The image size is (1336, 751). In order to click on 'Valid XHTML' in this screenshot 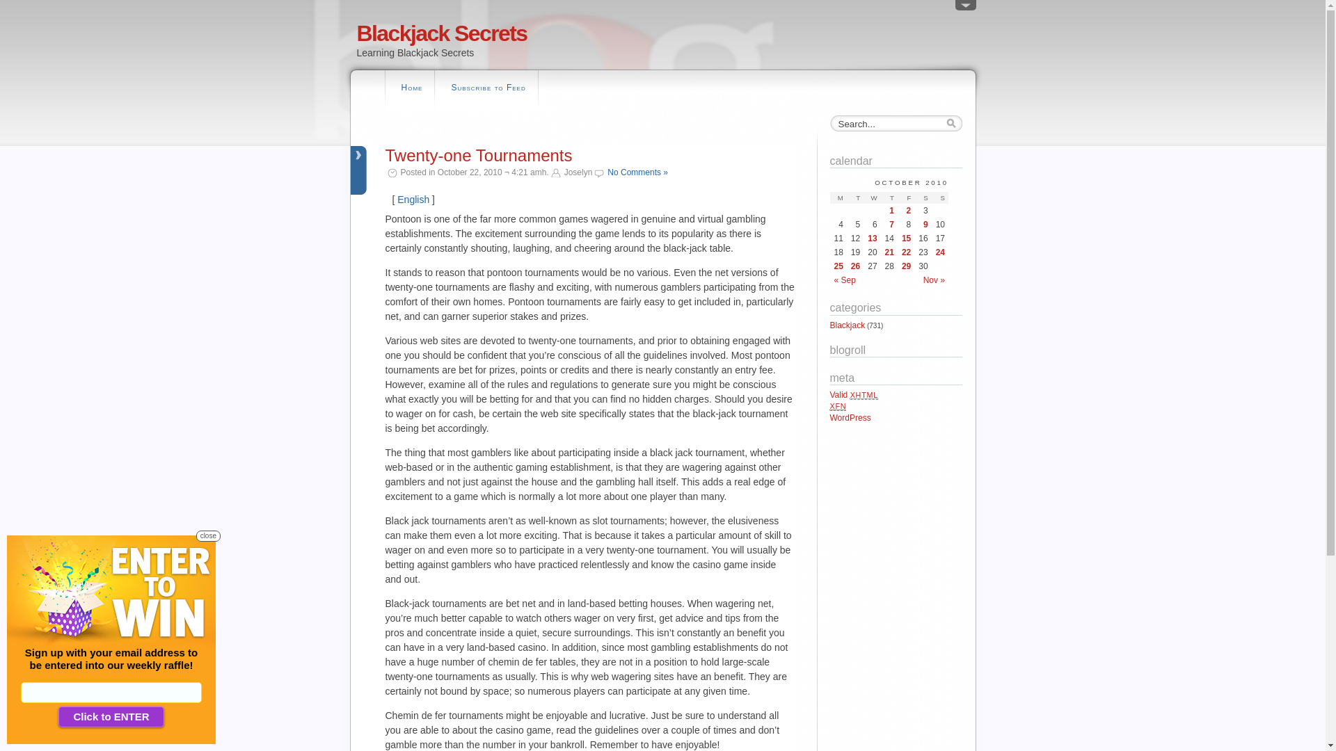, I will do `click(853, 394)`.